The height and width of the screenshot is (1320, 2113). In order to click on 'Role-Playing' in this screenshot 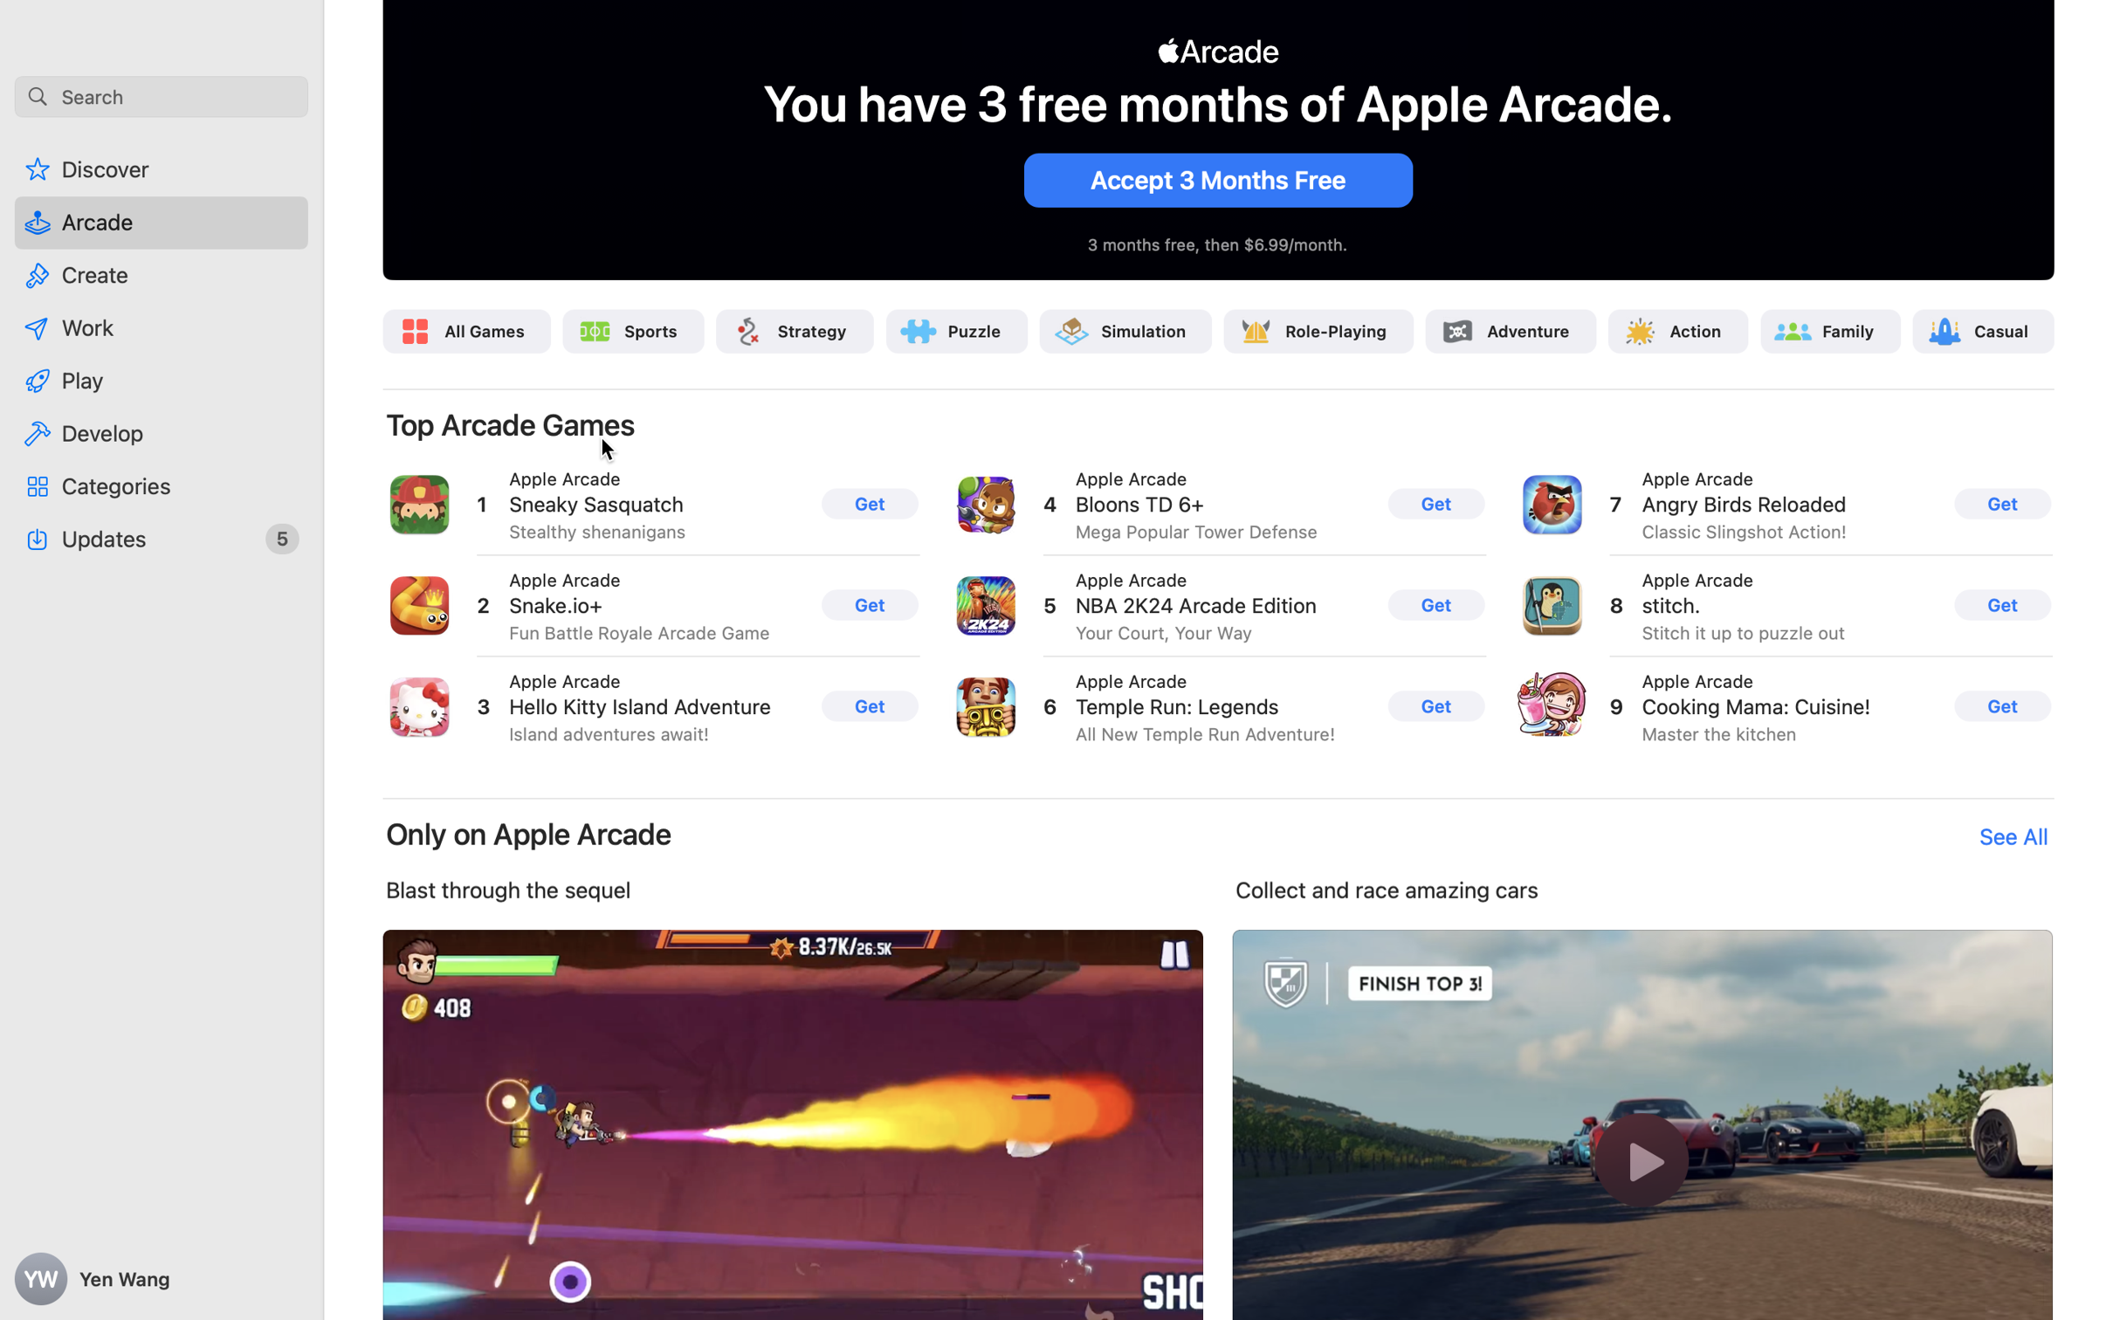, I will do `click(1335, 330)`.